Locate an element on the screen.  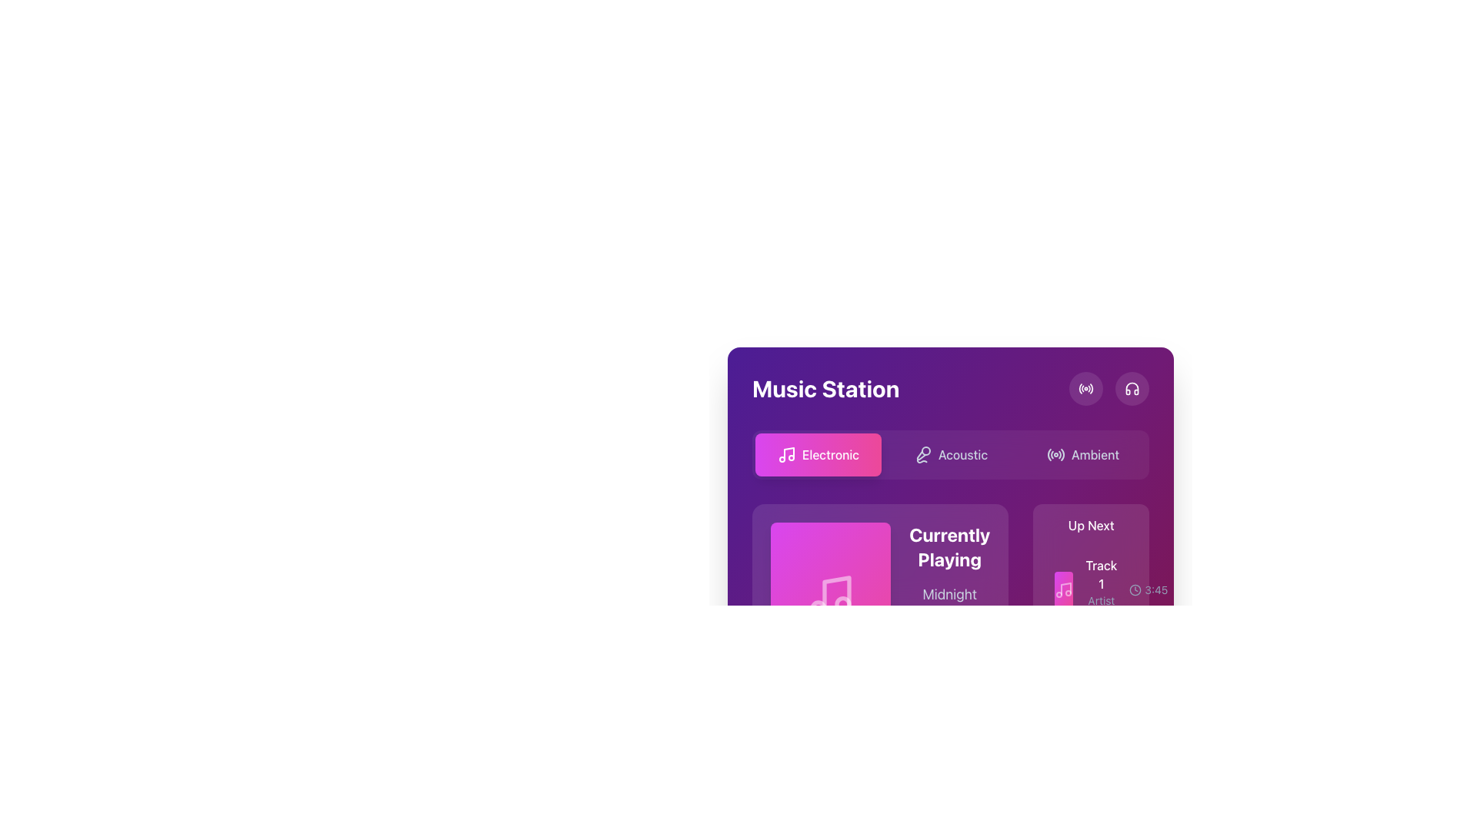
the minimalist headphones icon located in the top-right corner of the interface is located at coordinates (1132, 387).